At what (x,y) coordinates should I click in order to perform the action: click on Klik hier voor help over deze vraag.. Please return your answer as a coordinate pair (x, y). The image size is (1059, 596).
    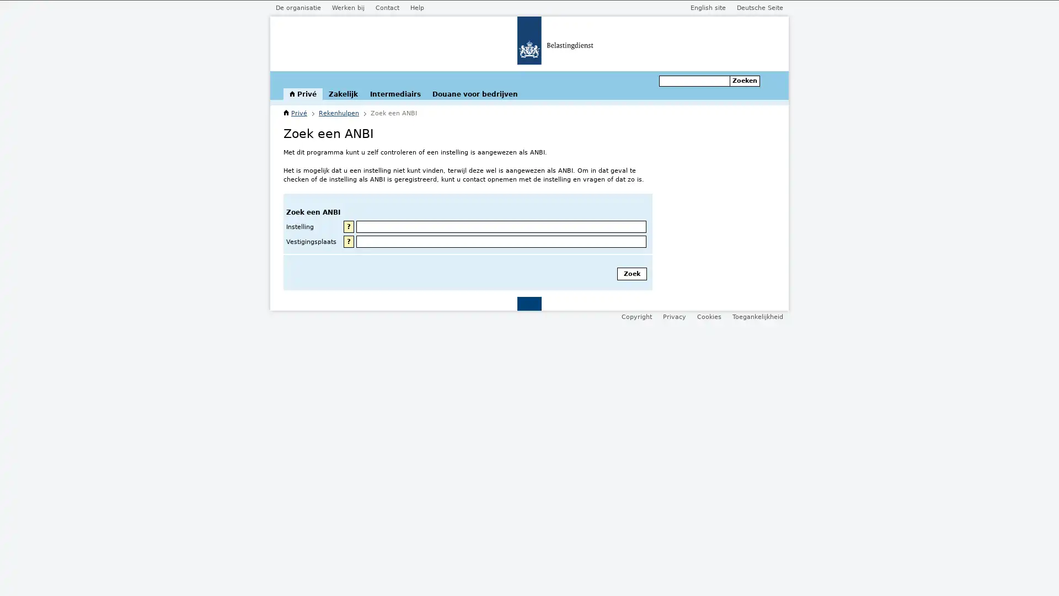
    Looking at the image, I should click on (348, 225).